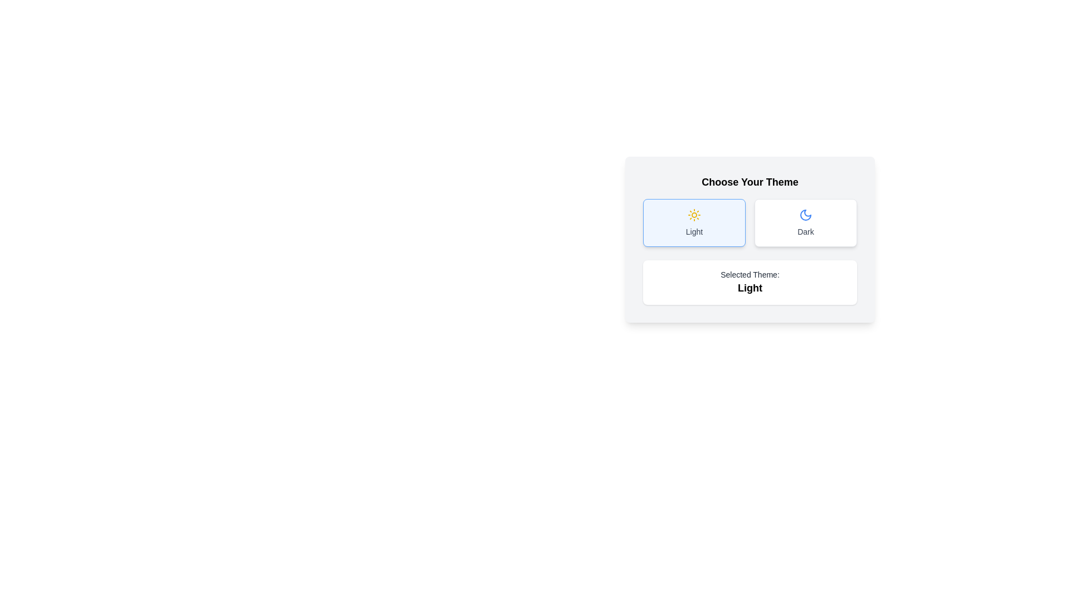 The height and width of the screenshot is (602, 1070). What do you see at coordinates (805, 223) in the screenshot?
I see `the Dark button to select the corresponding theme` at bounding box center [805, 223].